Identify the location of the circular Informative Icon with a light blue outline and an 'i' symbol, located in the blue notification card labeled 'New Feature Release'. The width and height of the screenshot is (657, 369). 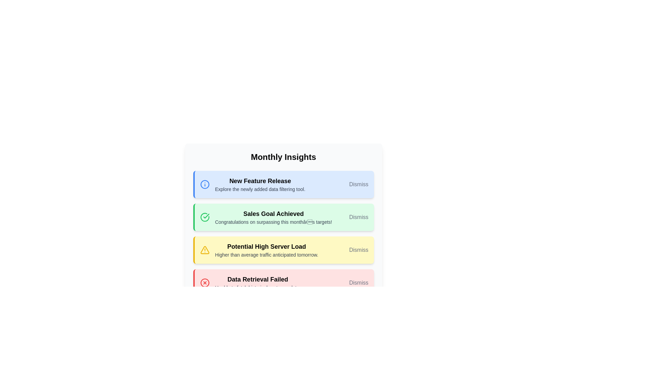
(204, 184).